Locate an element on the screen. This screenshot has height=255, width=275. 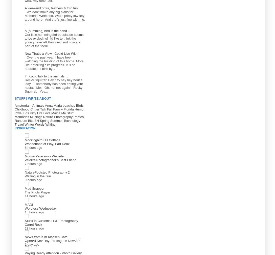
'1 day ago' is located at coordinates (32, 244).